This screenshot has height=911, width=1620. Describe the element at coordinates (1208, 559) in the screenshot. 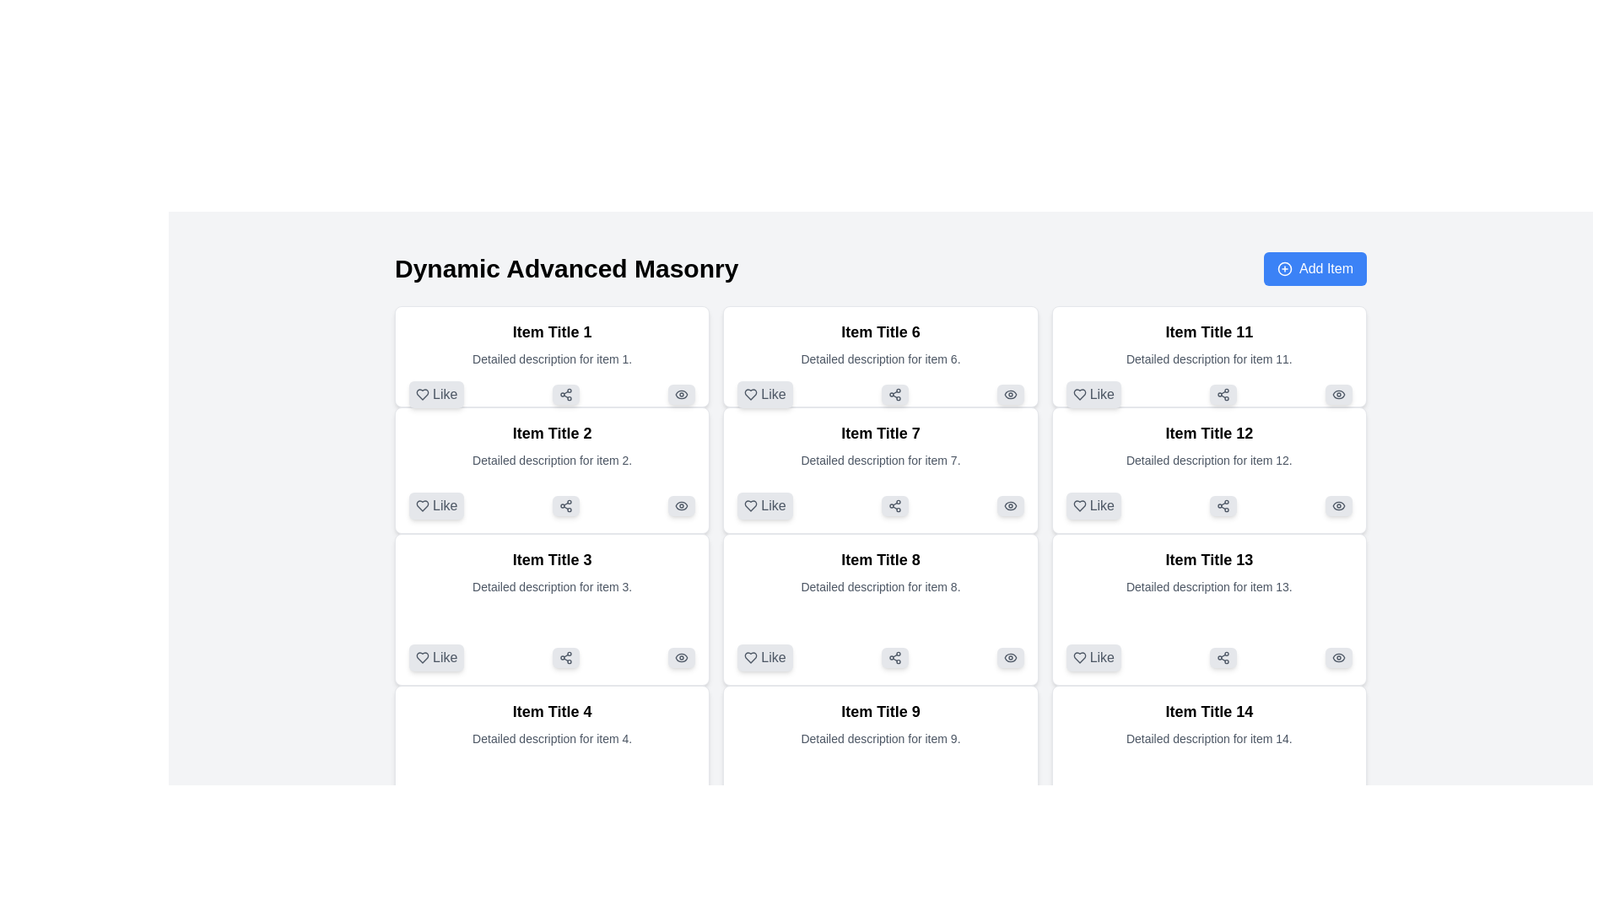

I see `the Text element serving as the title for the item in the grid layout, located in the bottom row and second column from the right` at that location.